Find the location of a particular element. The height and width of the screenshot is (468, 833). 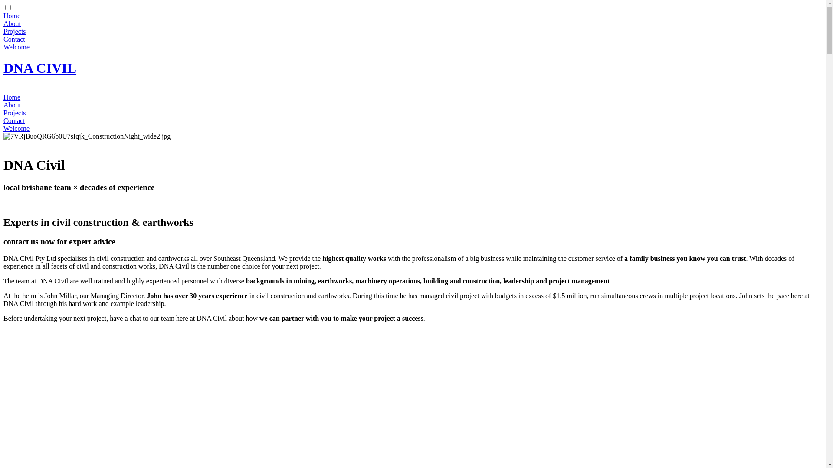

'DNA CIVIL' is located at coordinates (39, 68).